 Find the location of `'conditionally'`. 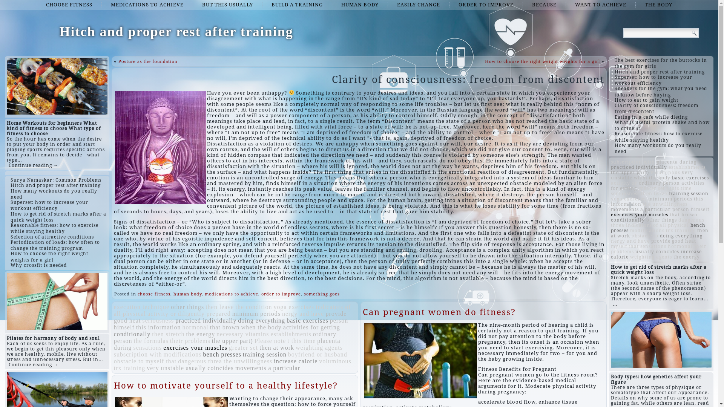

'conditionally' is located at coordinates (628, 220).